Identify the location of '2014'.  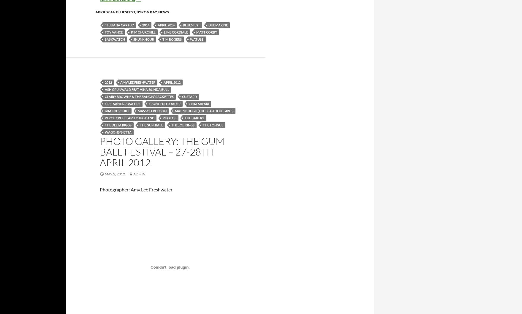
(145, 25).